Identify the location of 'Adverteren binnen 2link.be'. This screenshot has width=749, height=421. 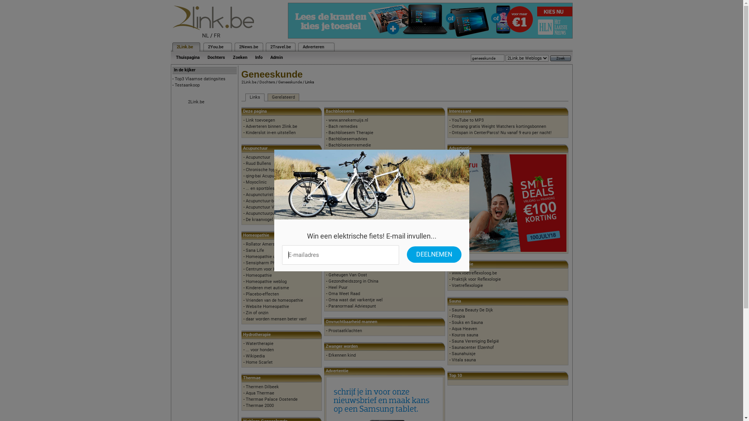
(272, 126).